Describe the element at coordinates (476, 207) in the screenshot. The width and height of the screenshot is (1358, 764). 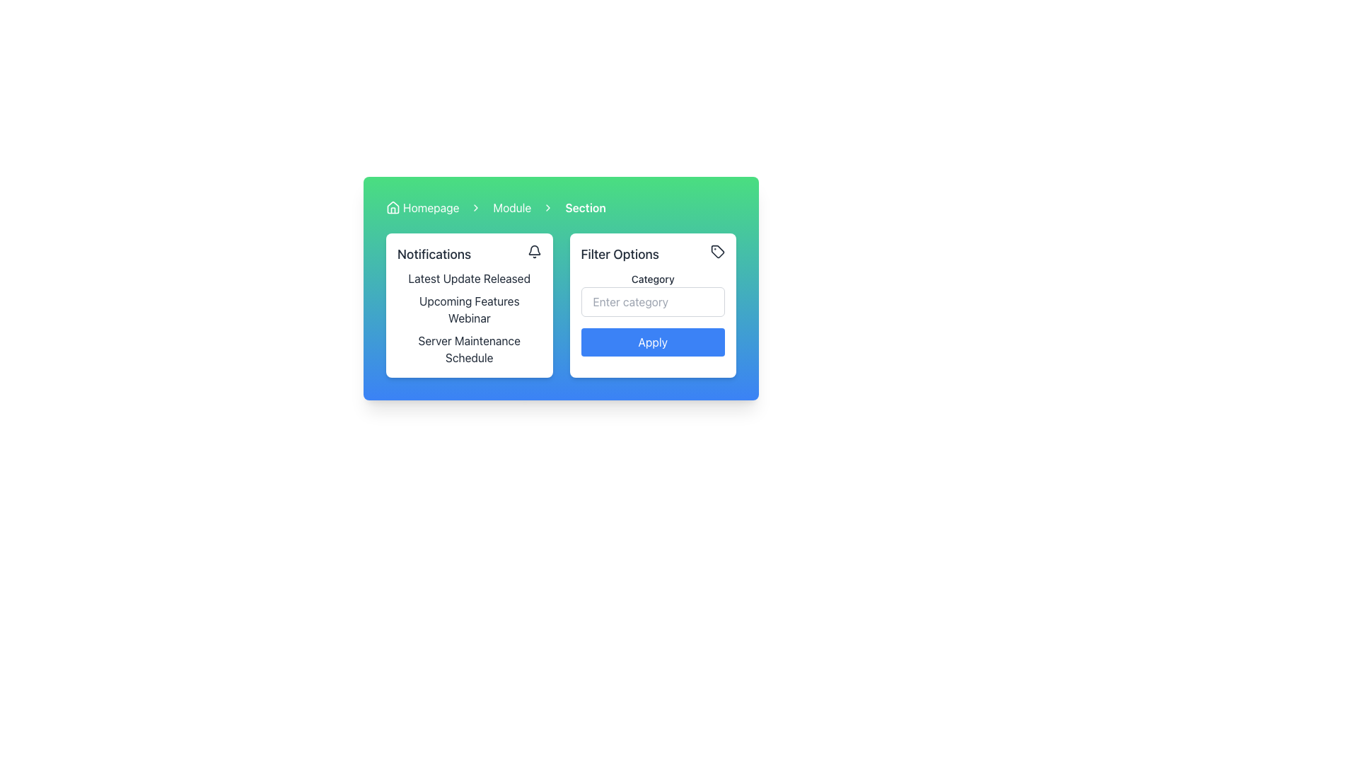
I see `the second chevron icon in the breadcrumb navigation, positioned between 'Homepage' and 'Module' text links` at that location.